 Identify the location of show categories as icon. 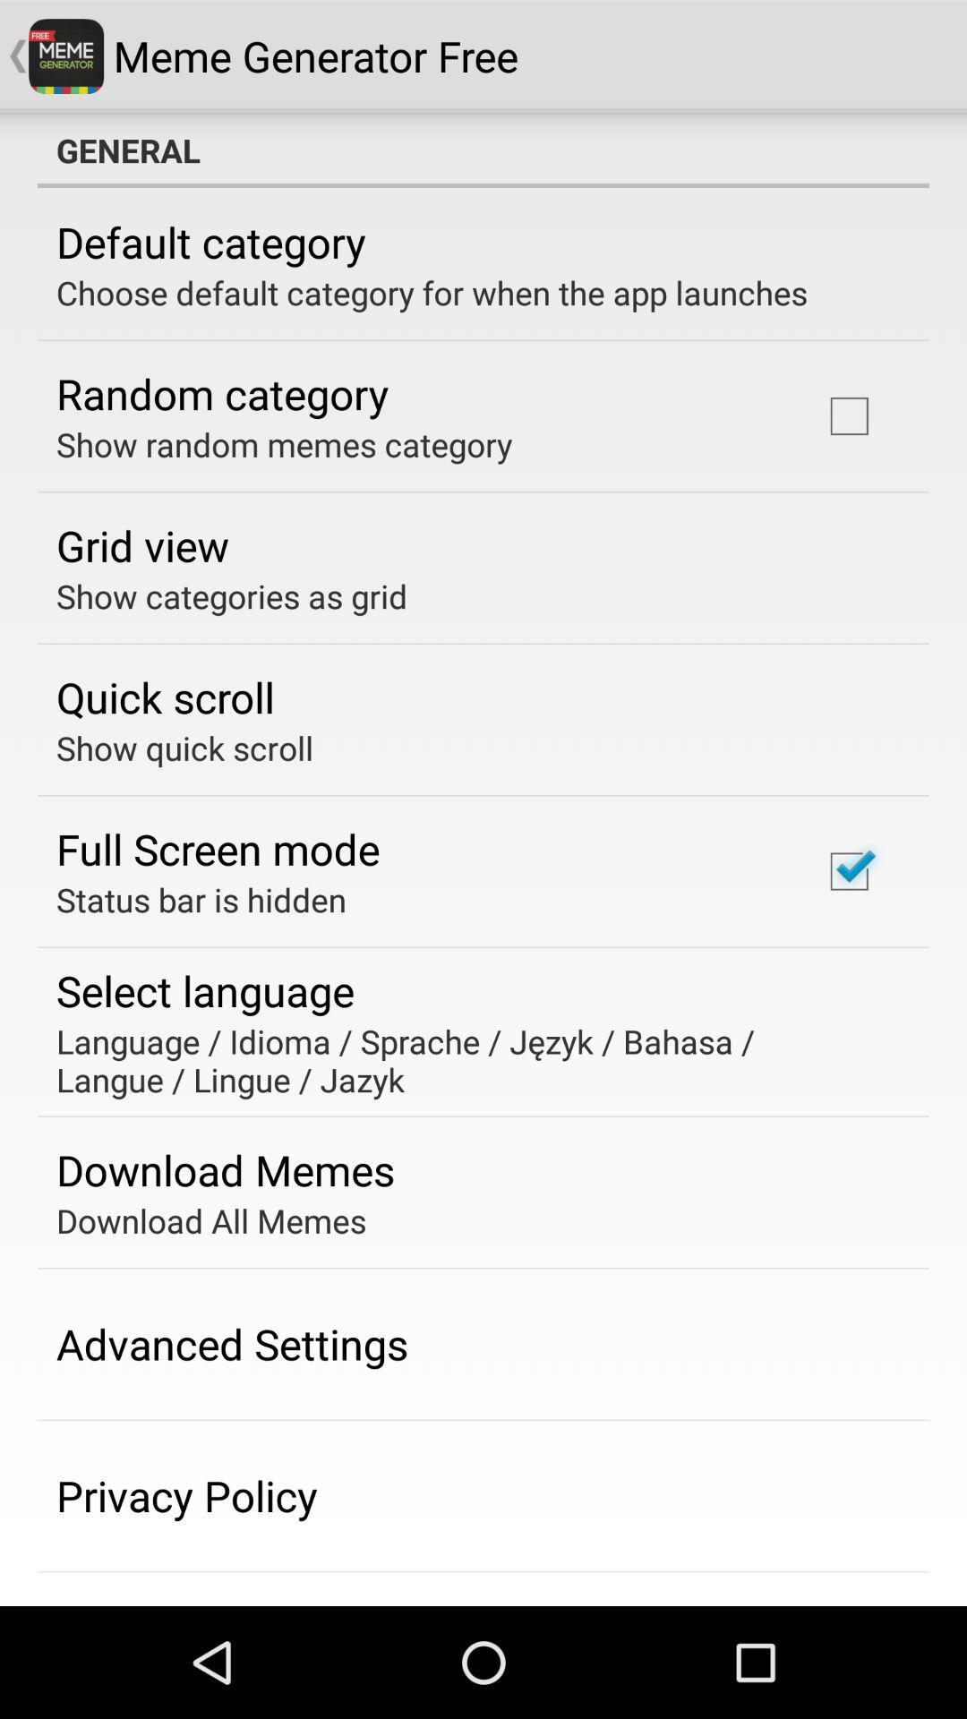
(231, 596).